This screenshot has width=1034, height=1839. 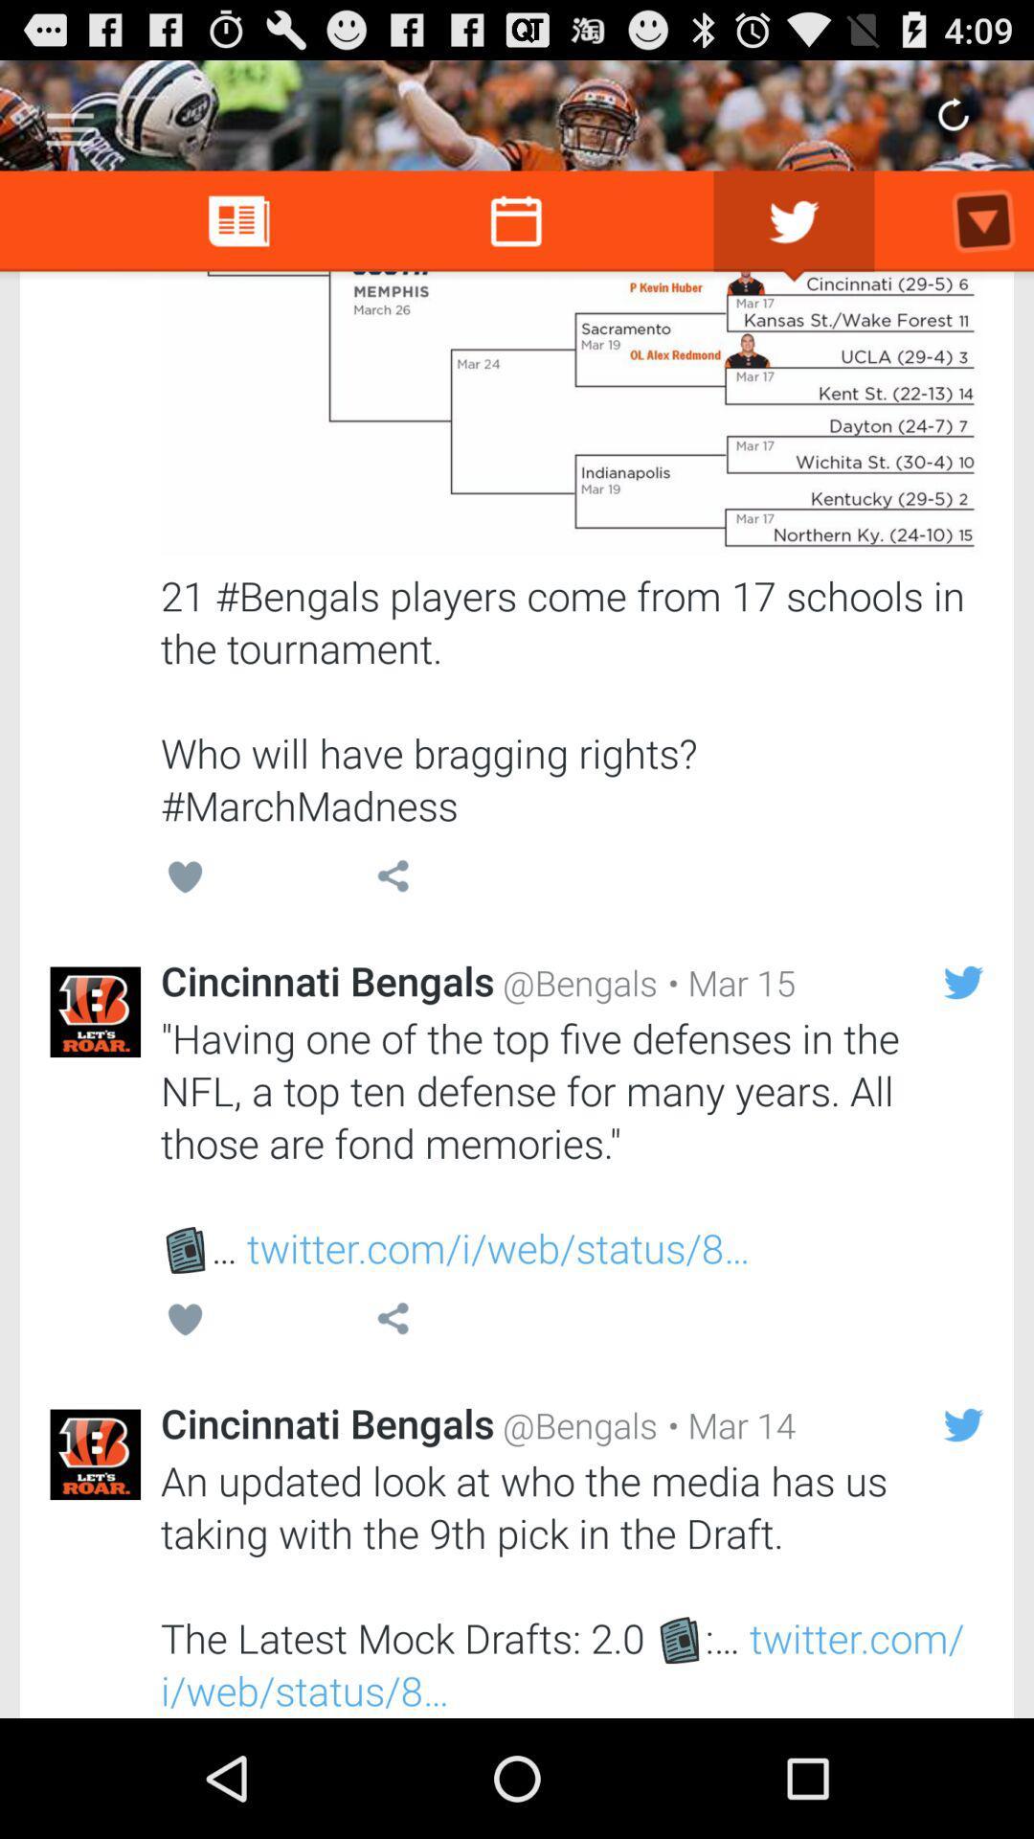 I want to click on icon next to the @bengals item, so click(x=727, y=983).